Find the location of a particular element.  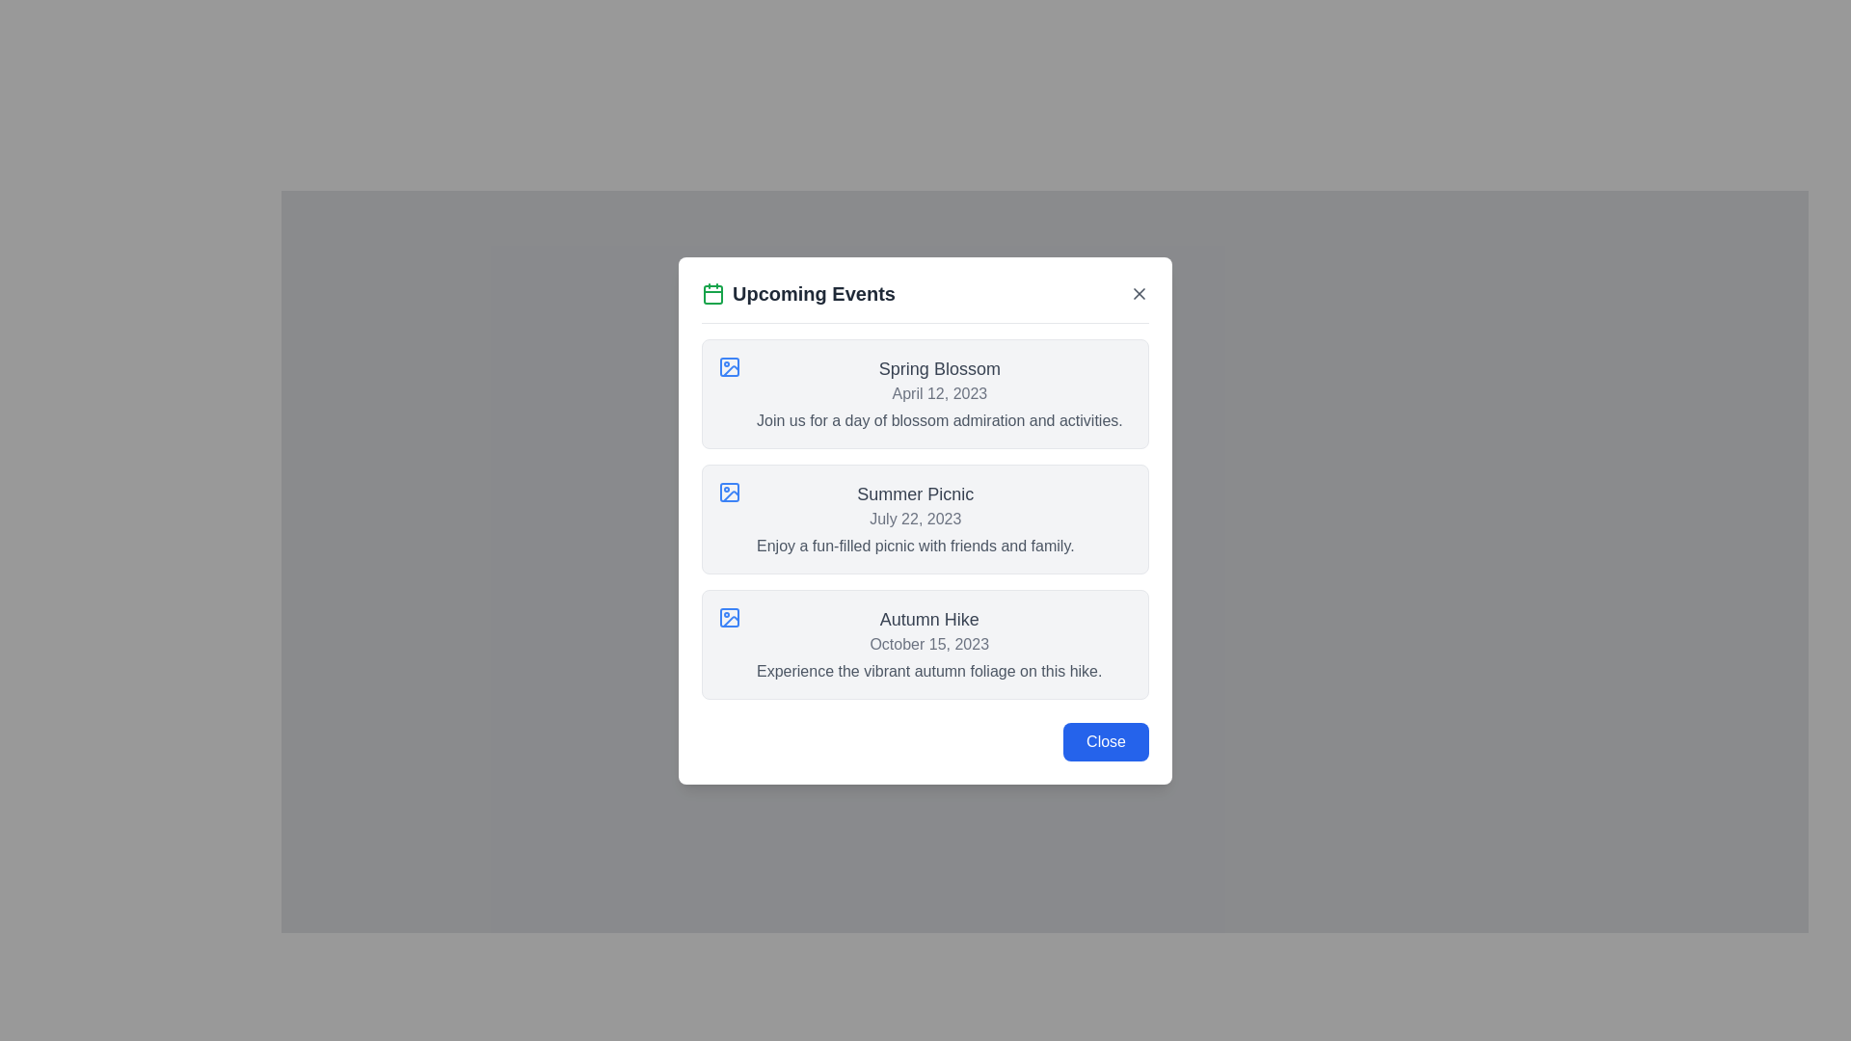

the third item in the 'Upcoming Events' modal, which is a text content block providing details about an upcoming event is located at coordinates (929, 644).